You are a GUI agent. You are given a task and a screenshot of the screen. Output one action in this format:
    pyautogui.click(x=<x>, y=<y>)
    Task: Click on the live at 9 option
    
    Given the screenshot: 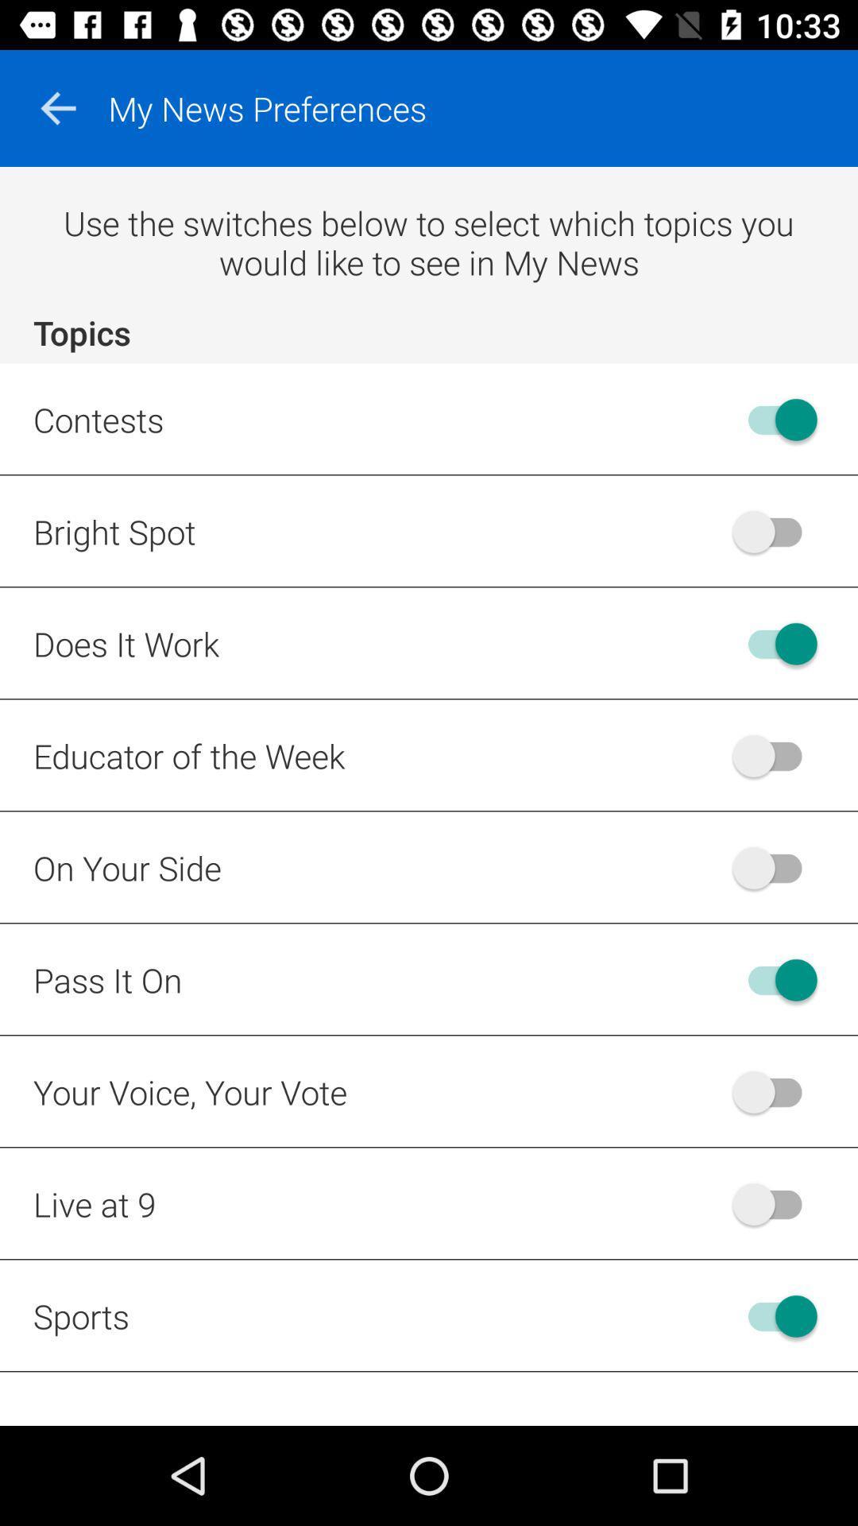 What is the action you would take?
    pyautogui.click(x=774, y=1204)
    